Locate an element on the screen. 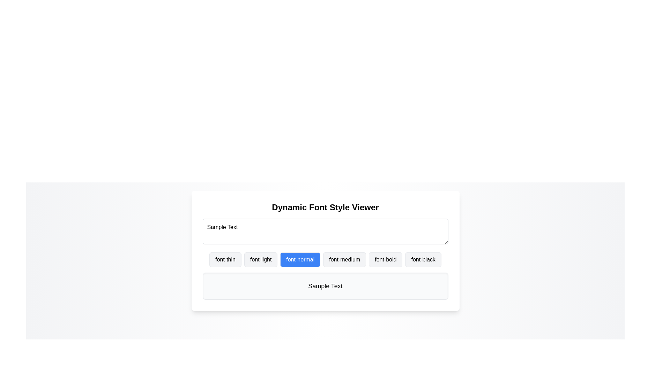 The height and width of the screenshot is (376, 670). the second button from the left in a row of six buttons that applies a 'font-light' style to the text is located at coordinates (260, 259).